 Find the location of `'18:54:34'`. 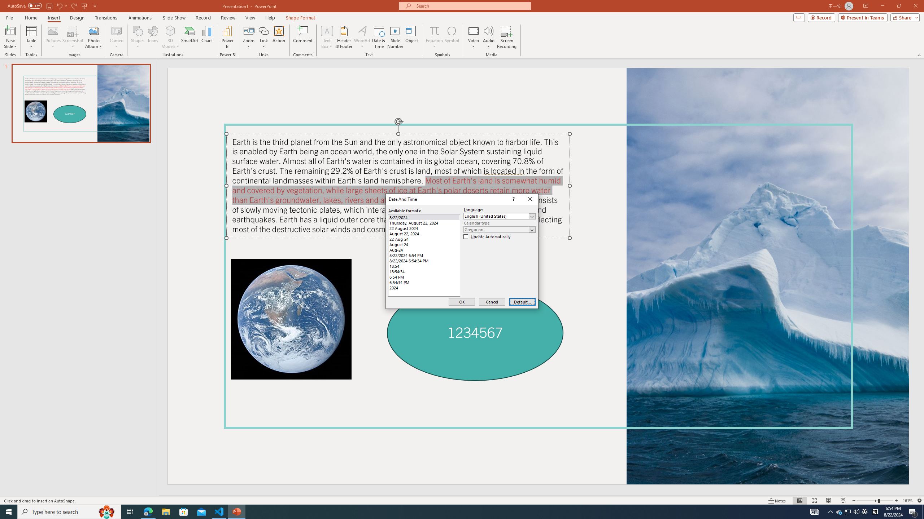

'18:54:34' is located at coordinates (424, 271).